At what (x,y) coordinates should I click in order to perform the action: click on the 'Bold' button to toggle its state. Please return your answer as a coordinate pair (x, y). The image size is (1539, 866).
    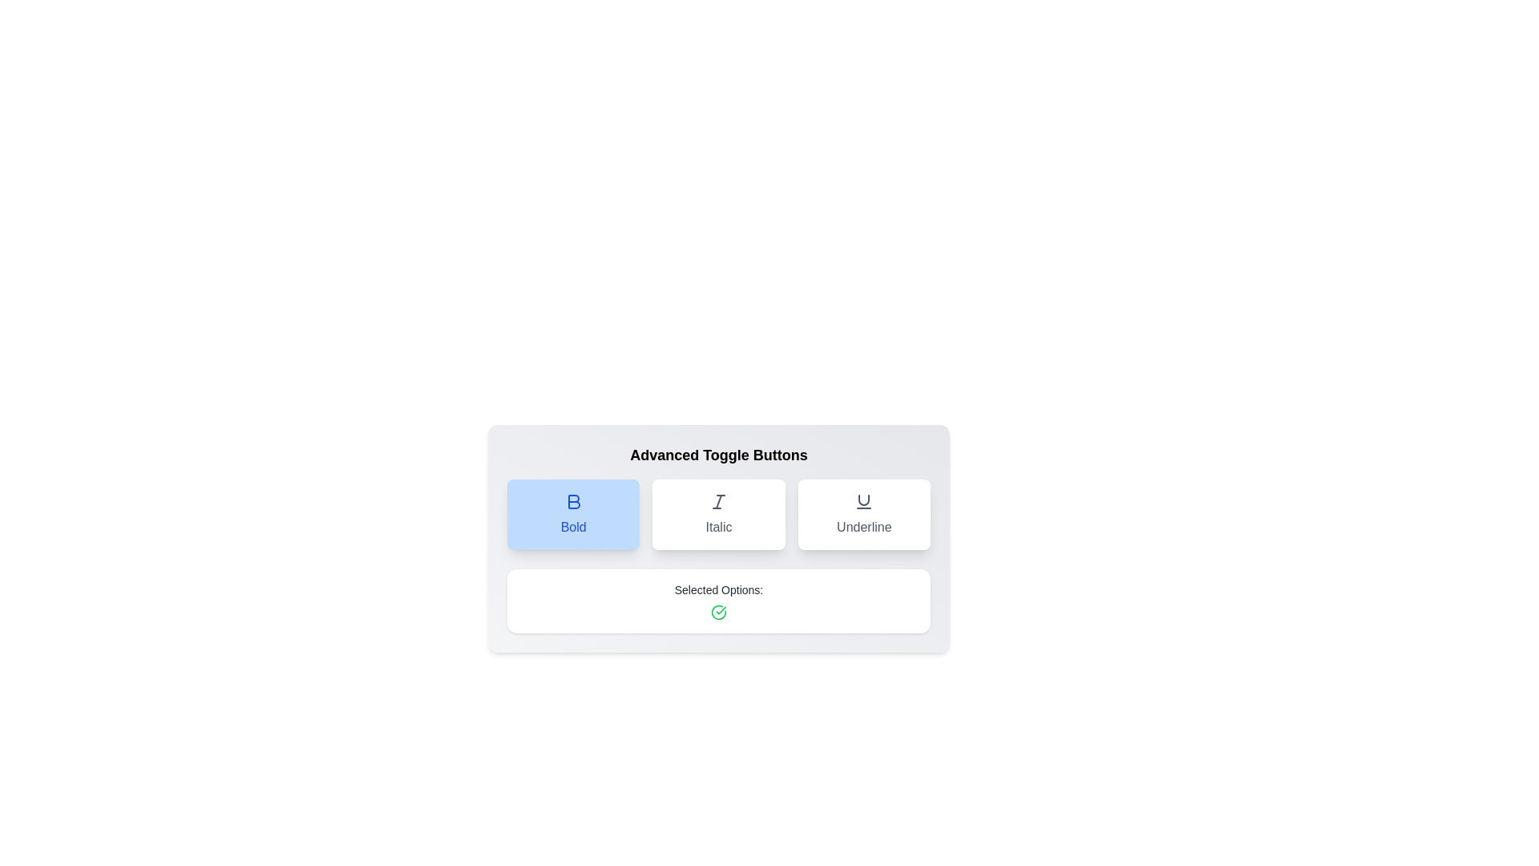
    Looking at the image, I should click on (573, 514).